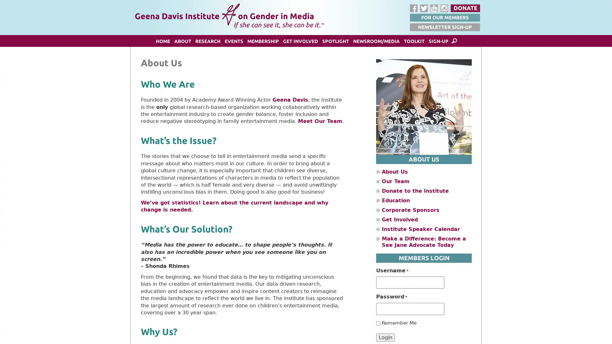  Describe the element at coordinates (385, 337) in the screenshot. I see `Login` at that location.